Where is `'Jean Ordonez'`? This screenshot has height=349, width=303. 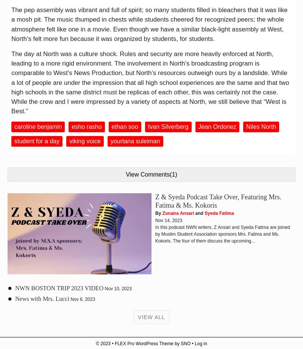
'Jean Ordonez' is located at coordinates (217, 127).